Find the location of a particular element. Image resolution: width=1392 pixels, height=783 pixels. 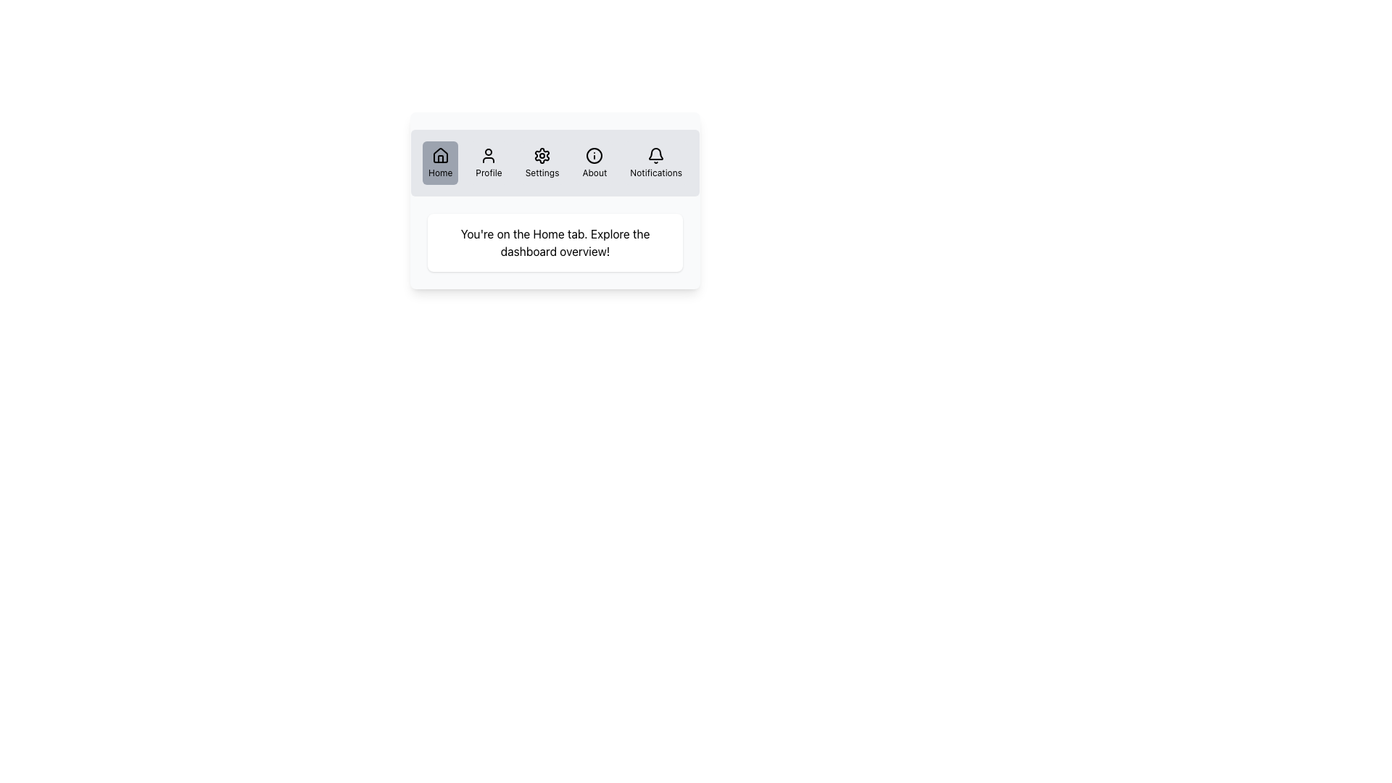

the 'Home' icon located at the center of the first button in the navigation bar is located at coordinates (439, 156).